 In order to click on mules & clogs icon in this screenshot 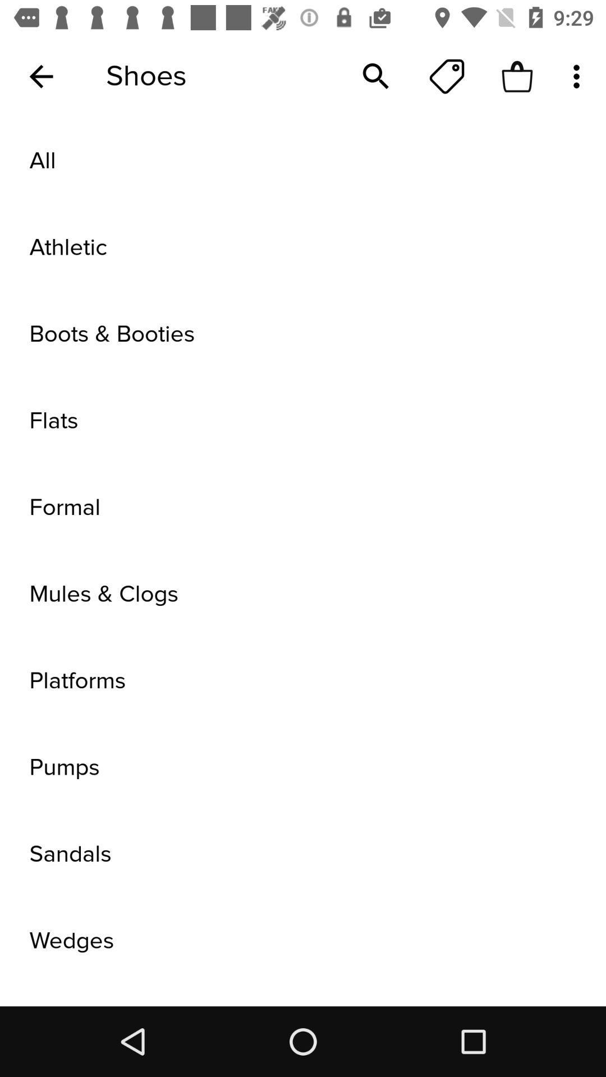, I will do `click(303, 593)`.